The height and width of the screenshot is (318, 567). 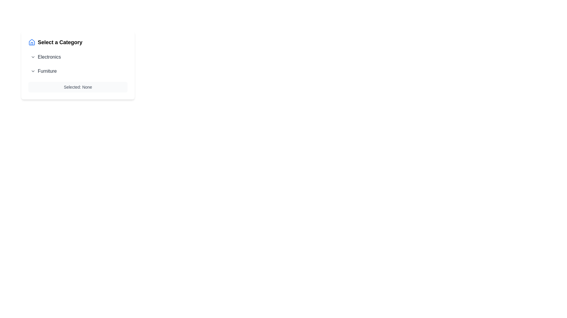 I want to click on the Collapsible Menu Item for Furniture, so click(x=78, y=71).